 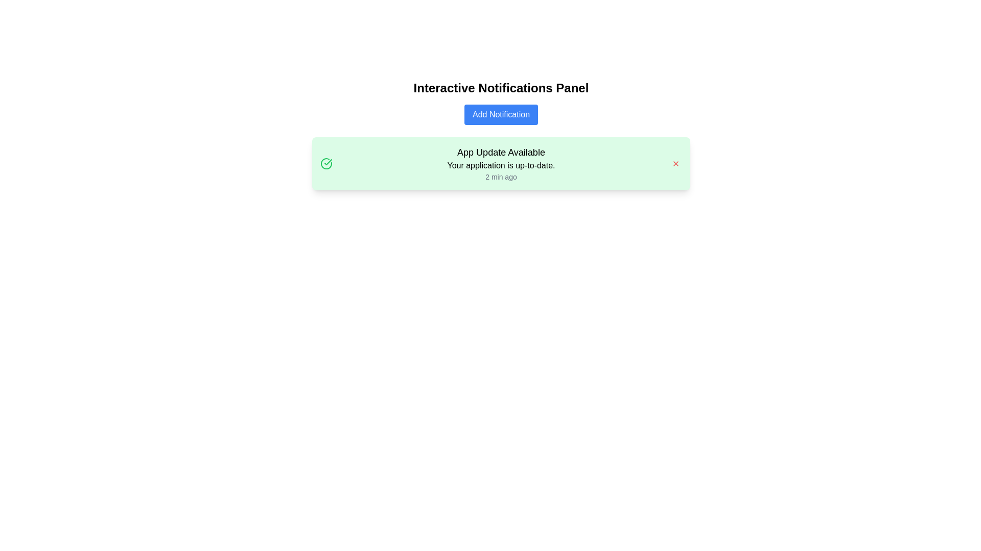 What do you see at coordinates (501, 165) in the screenshot?
I see `the Text label that indicates the application is current with no pending updates, located below 'App Update Available' and above '2 min ago' within the notification card` at bounding box center [501, 165].